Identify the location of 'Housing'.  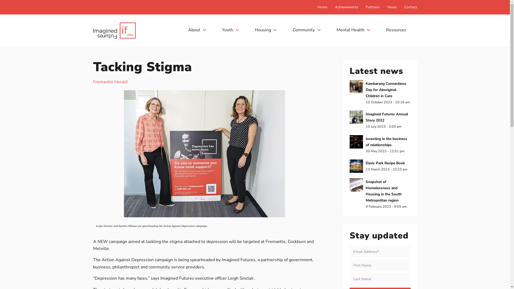
(266, 30).